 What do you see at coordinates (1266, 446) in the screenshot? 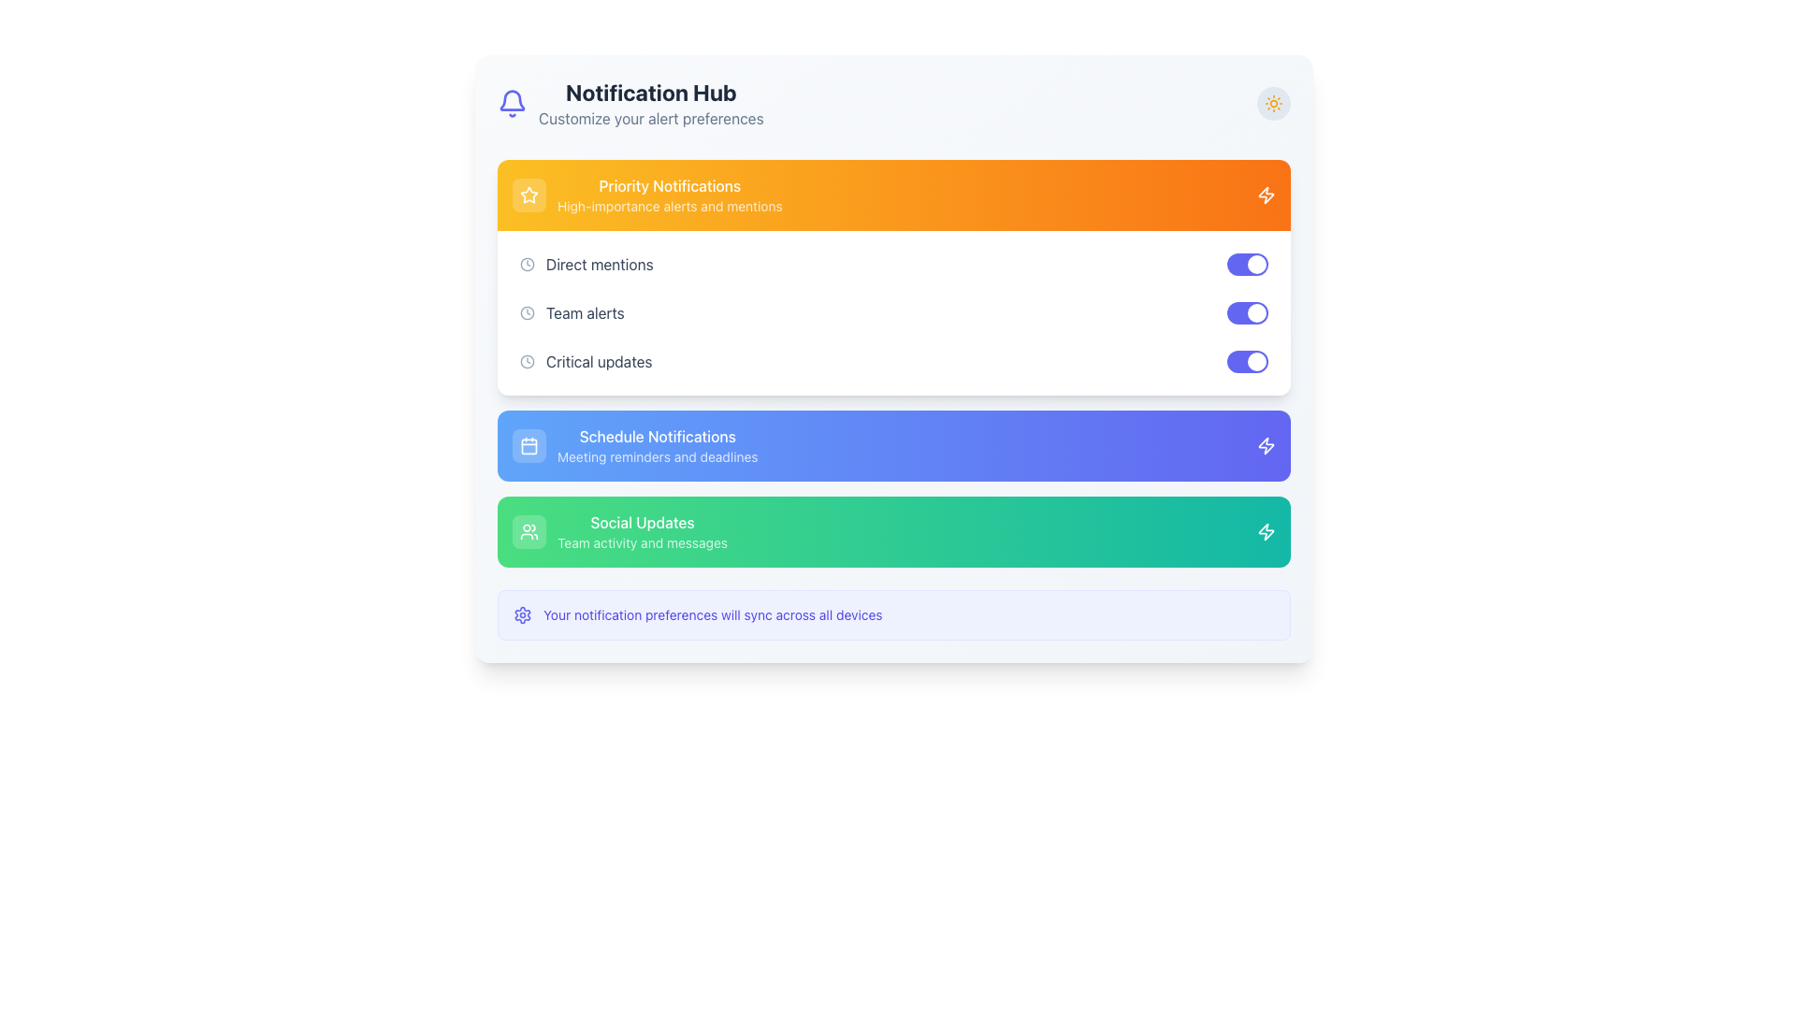
I see `the lightning bolt-shaped icon located on the right-hand side of the 'Schedule Notifications' button in the Notification Hub interface, which is styled as an SVG image filled with white color on a blue background` at bounding box center [1266, 446].